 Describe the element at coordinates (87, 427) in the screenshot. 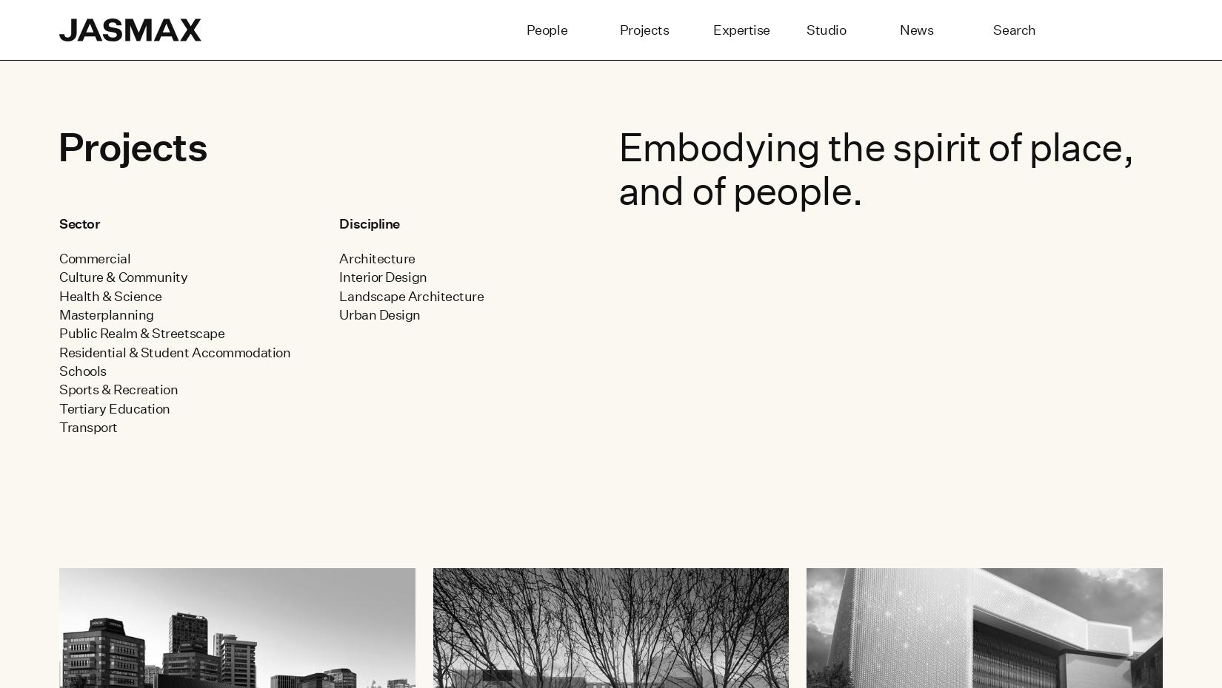

I see `'Transport'` at that location.